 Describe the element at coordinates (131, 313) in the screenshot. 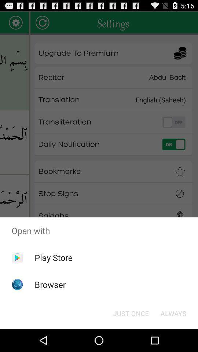

I see `item next to always item` at that location.